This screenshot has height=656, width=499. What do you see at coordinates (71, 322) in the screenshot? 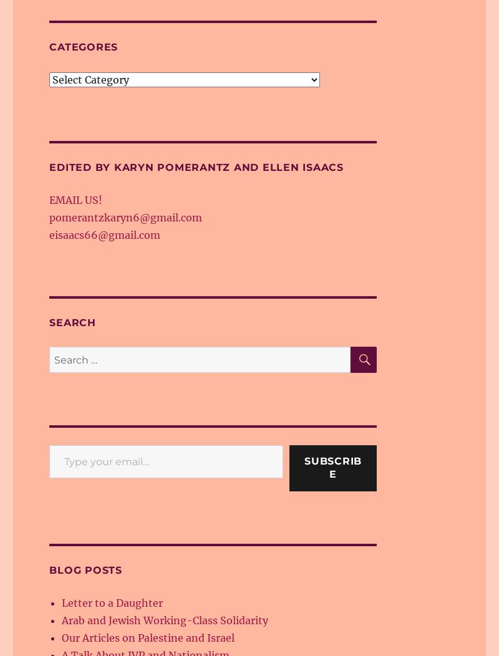
I see `'Search'` at bounding box center [71, 322].